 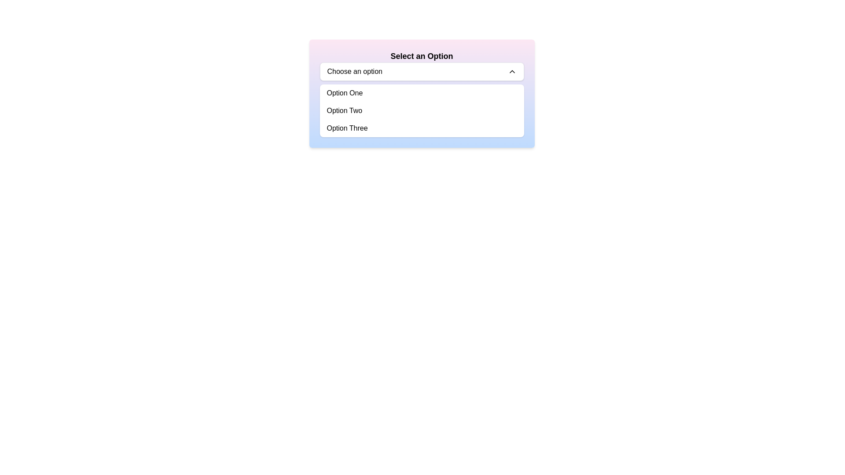 What do you see at coordinates (421, 93) in the screenshot?
I see `the first option 'Option One' in the dropdown menu titled 'Select an Option'` at bounding box center [421, 93].